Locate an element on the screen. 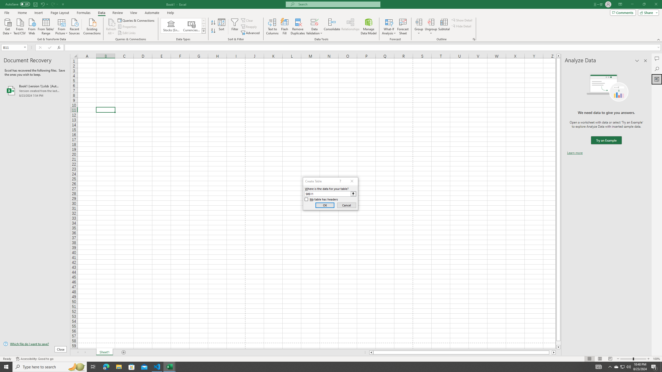 The image size is (662, 372). 'Collapse the Ribbon' is located at coordinates (659, 40).